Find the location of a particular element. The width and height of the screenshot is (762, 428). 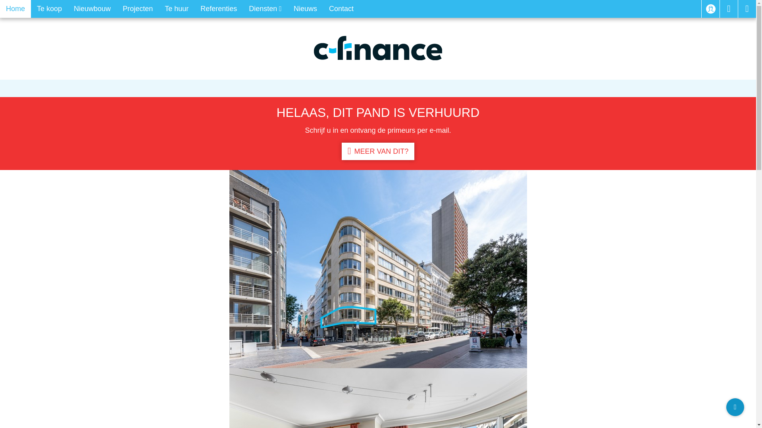

'Eigenaarslogin' is located at coordinates (710, 9).